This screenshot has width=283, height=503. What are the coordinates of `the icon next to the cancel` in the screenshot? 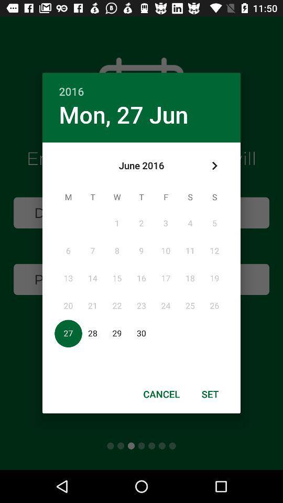 It's located at (210, 393).